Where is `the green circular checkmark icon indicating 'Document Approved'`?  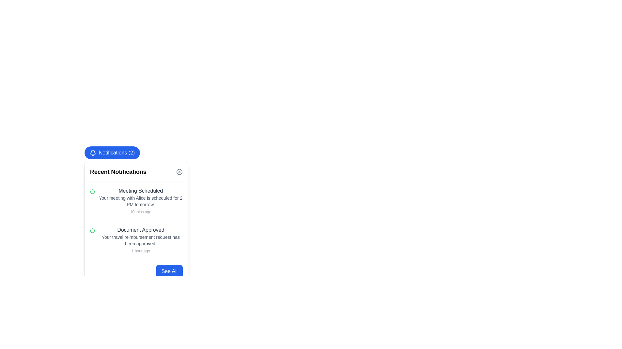
the green circular checkmark icon indicating 'Document Approved' is located at coordinates (92, 230).